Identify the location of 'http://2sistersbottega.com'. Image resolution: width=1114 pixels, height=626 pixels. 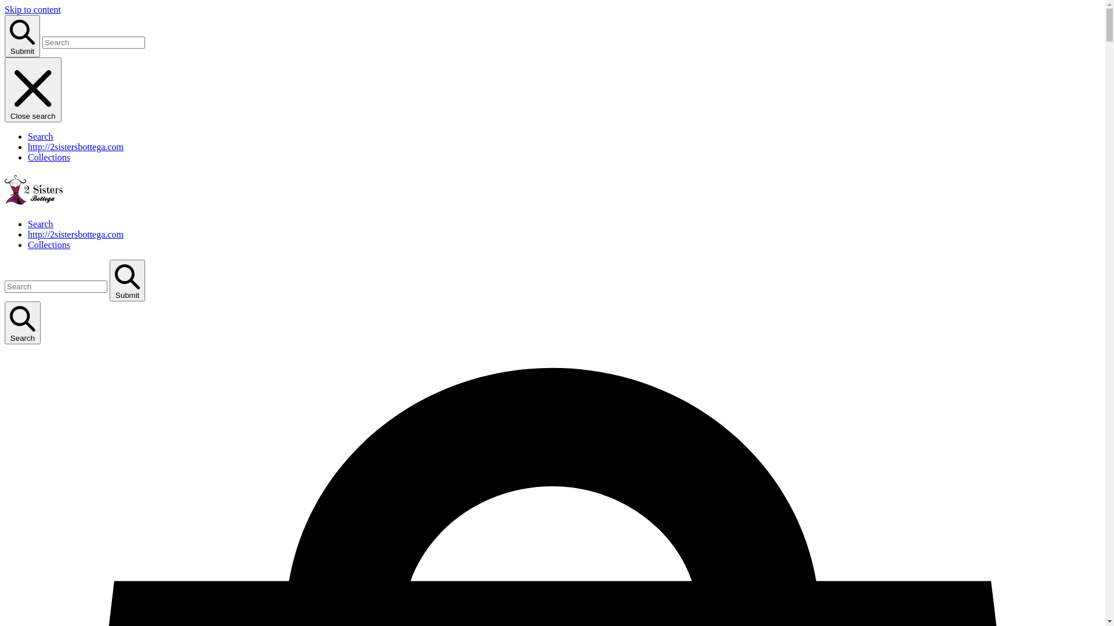
(75, 234).